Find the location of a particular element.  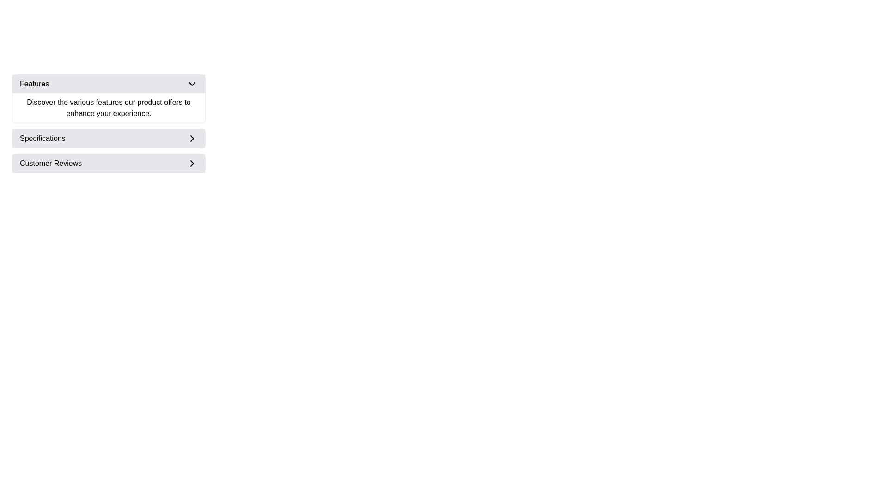

the static text providing descriptive information about the product features, located under the 'Features' heading is located at coordinates (109, 108).